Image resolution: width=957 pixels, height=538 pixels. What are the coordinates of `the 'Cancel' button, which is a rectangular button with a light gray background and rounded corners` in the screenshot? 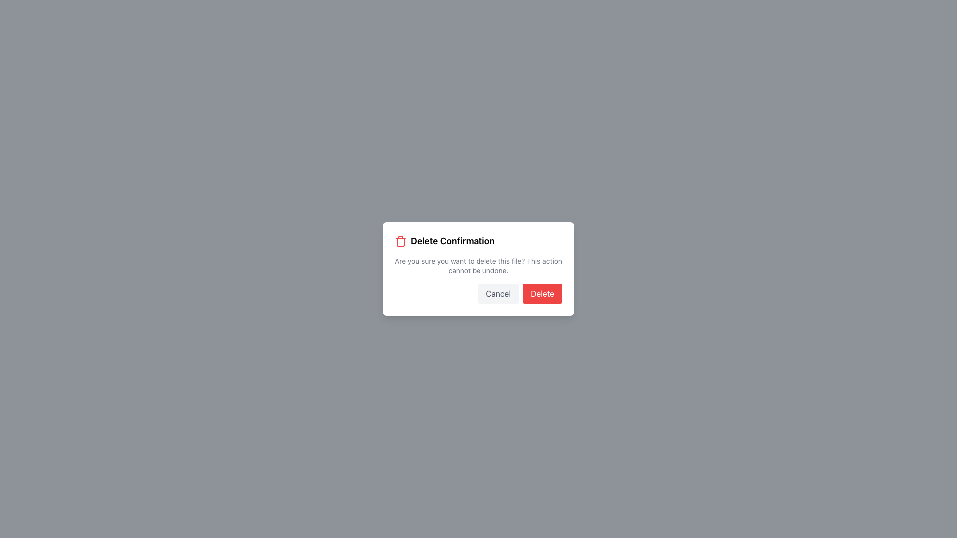 It's located at (498, 293).